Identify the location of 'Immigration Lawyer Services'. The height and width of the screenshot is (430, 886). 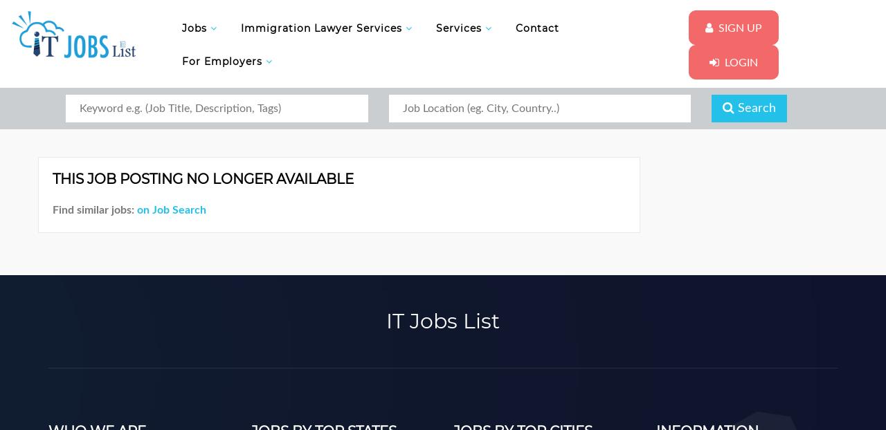
(322, 27).